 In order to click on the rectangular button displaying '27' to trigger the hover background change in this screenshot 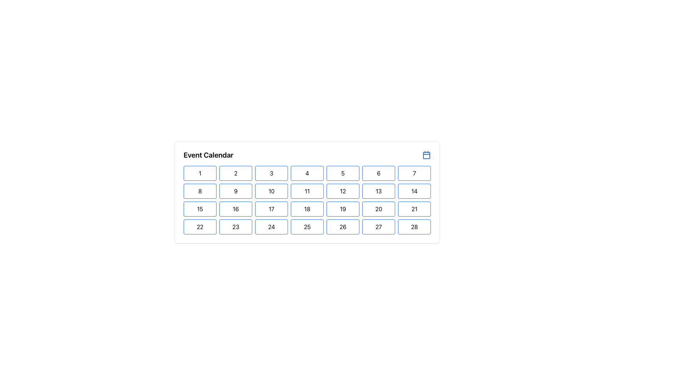, I will do `click(378, 227)`.